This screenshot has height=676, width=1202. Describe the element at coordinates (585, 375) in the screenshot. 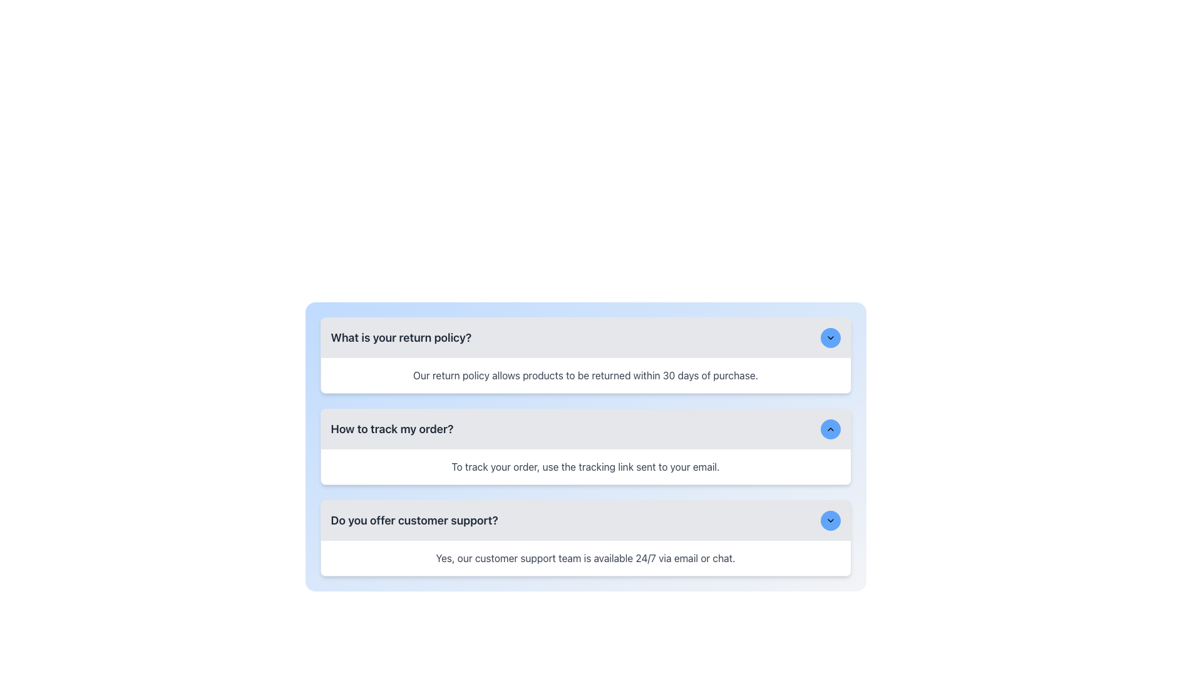

I see `the static text element that provides details about the return policy, located directly beneath the question 'What is your return policy?' in the FAQ section` at that location.